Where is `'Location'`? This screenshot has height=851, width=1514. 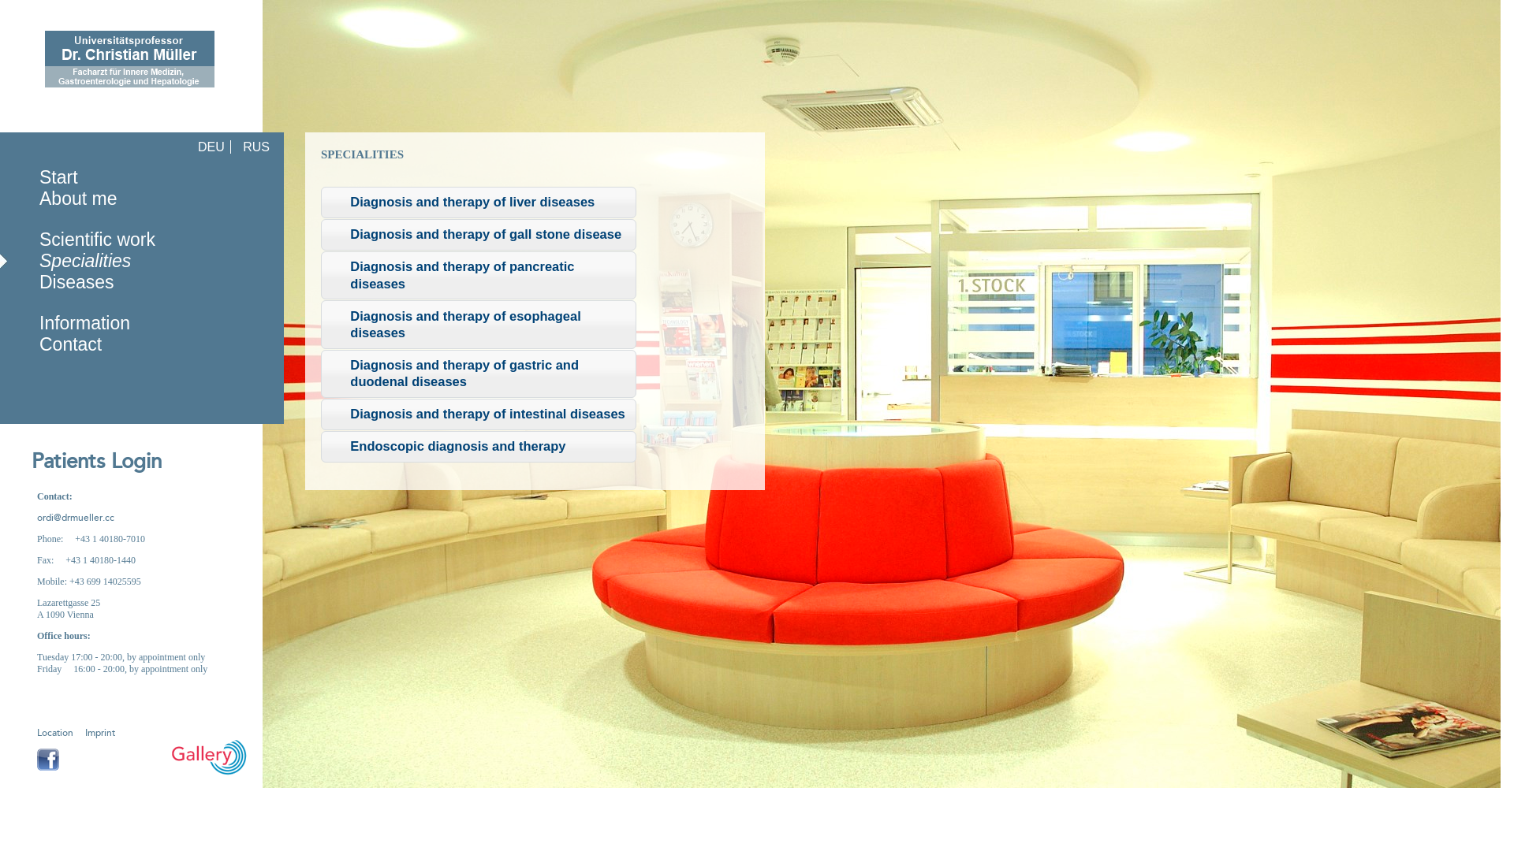 'Location' is located at coordinates (55, 733).